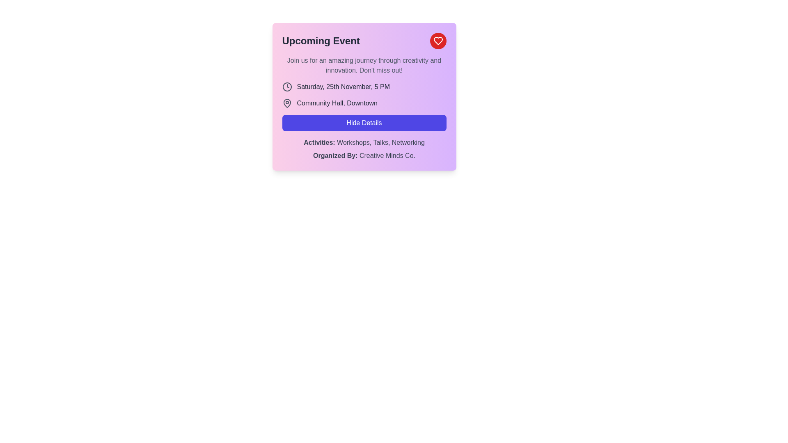 This screenshot has height=443, width=788. I want to click on the location pin icon with a gray outline that is positioned to the left of the text 'Community Hall, Downtown', so click(287, 103).